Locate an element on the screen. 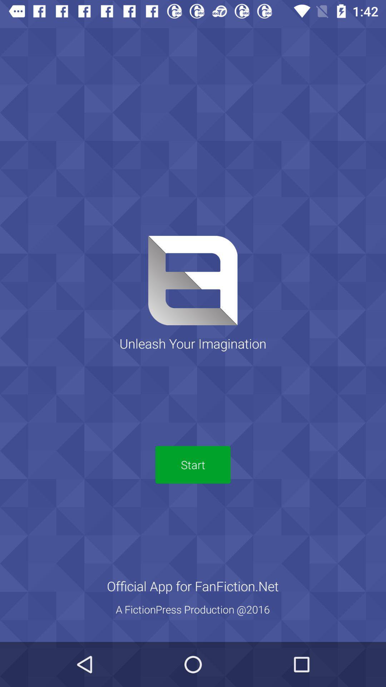 The height and width of the screenshot is (687, 386). start item is located at coordinates (193, 465).